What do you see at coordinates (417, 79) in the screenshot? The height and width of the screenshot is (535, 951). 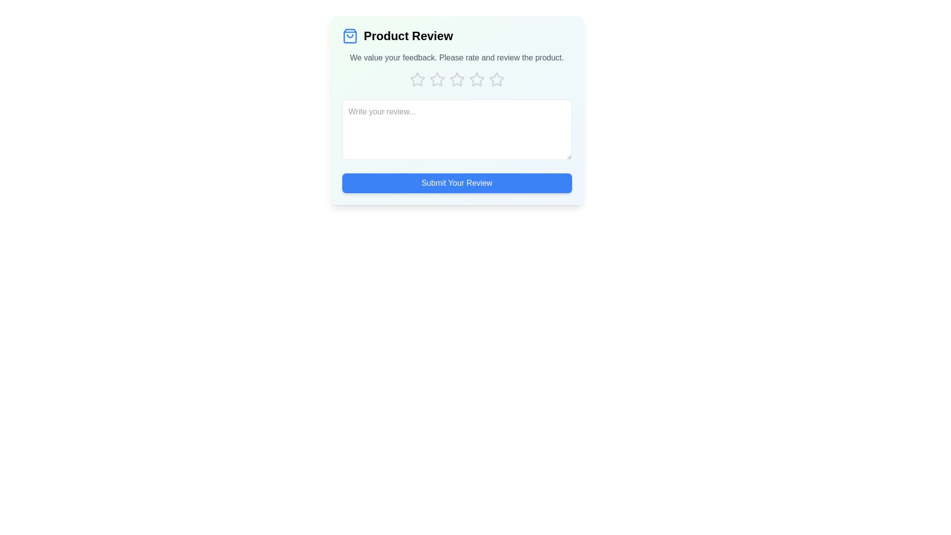 I see `the first star icon in the rating section` at bounding box center [417, 79].